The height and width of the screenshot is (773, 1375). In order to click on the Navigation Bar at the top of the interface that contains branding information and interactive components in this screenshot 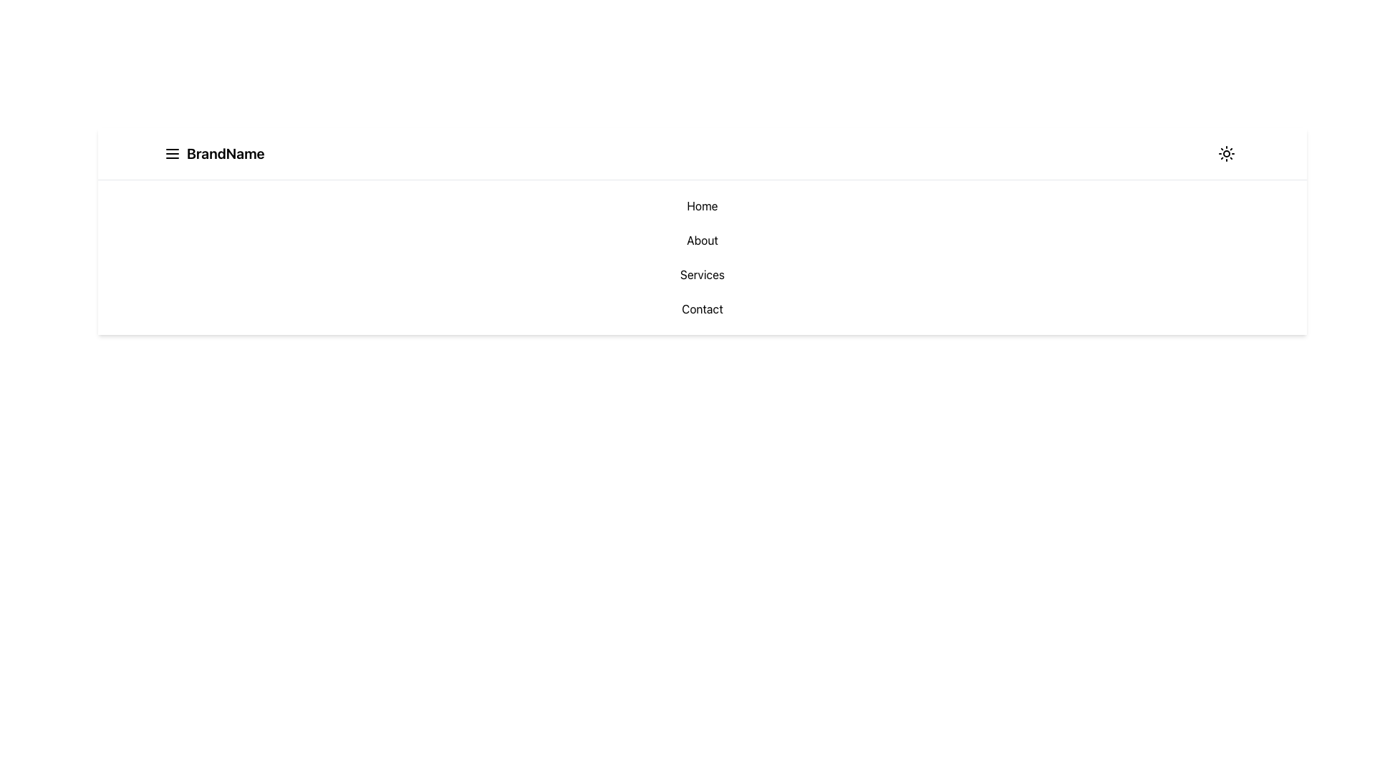, I will do `click(702, 154)`.